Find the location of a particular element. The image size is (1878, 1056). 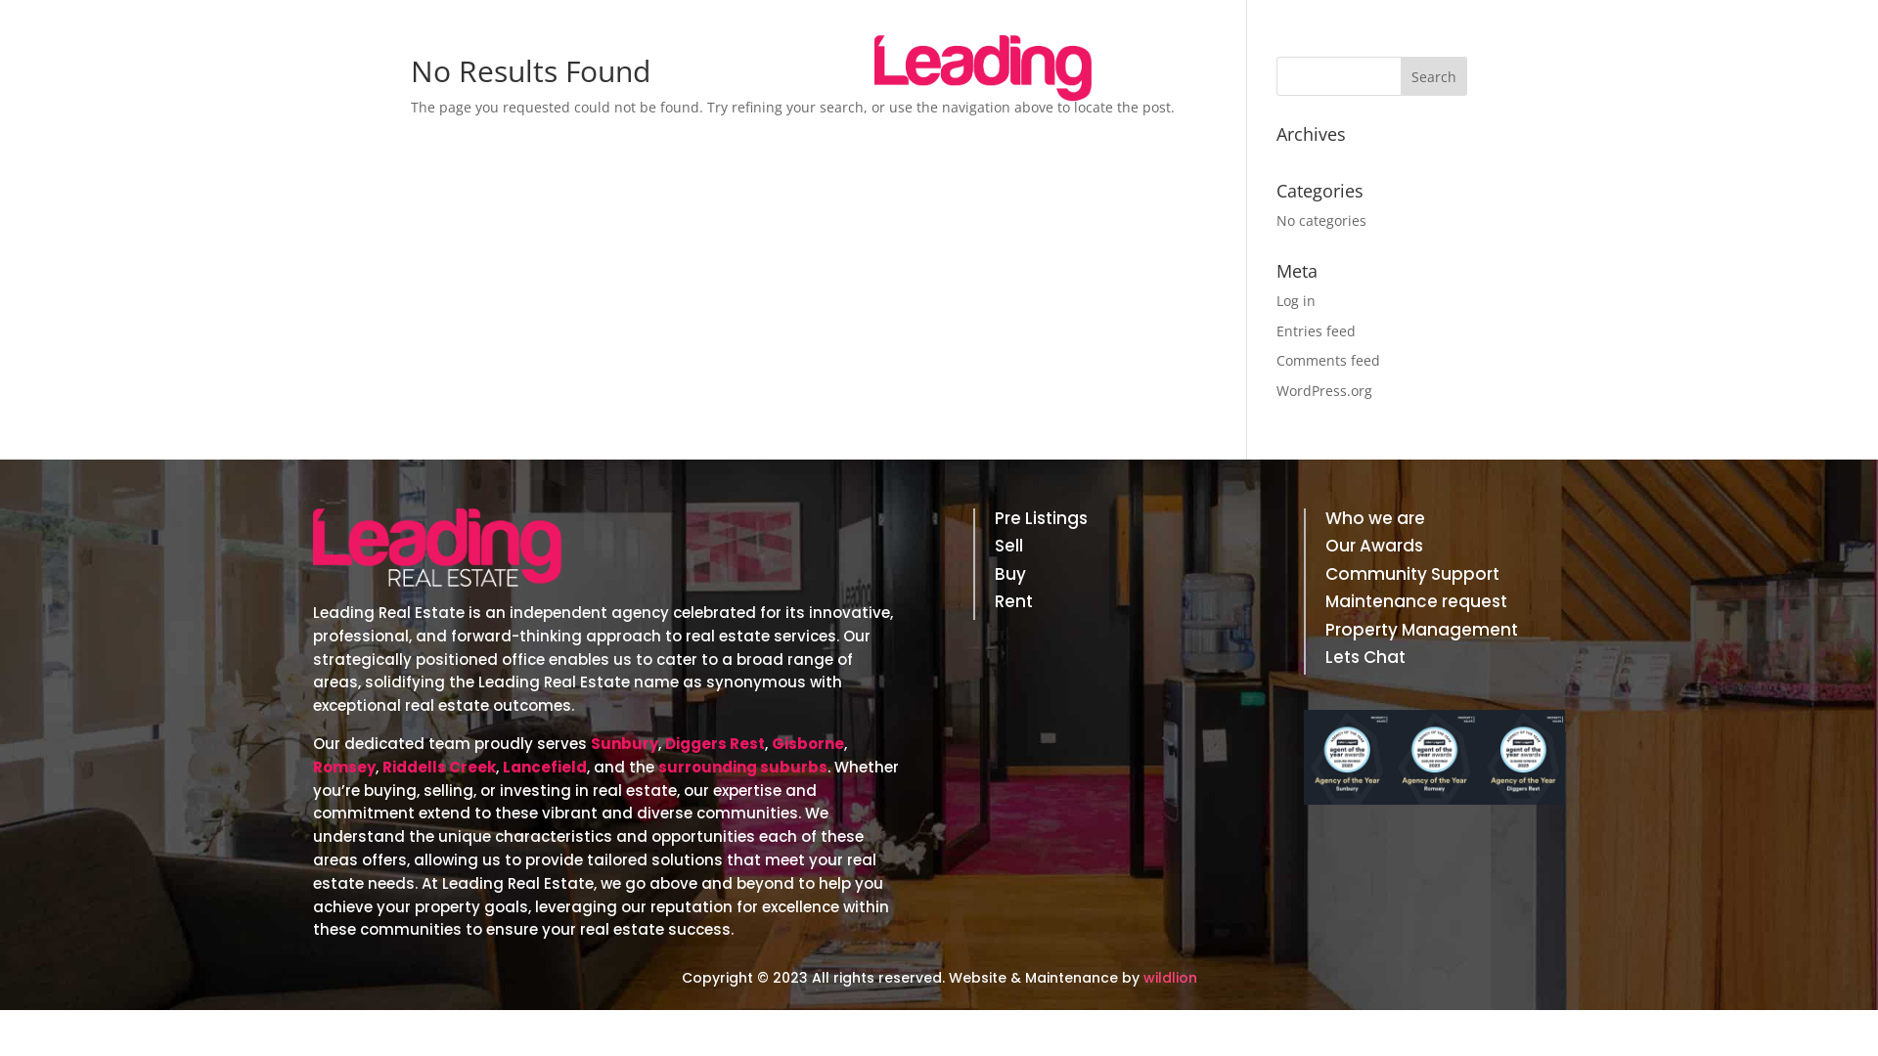

'Rent' is located at coordinates (1103, 603).